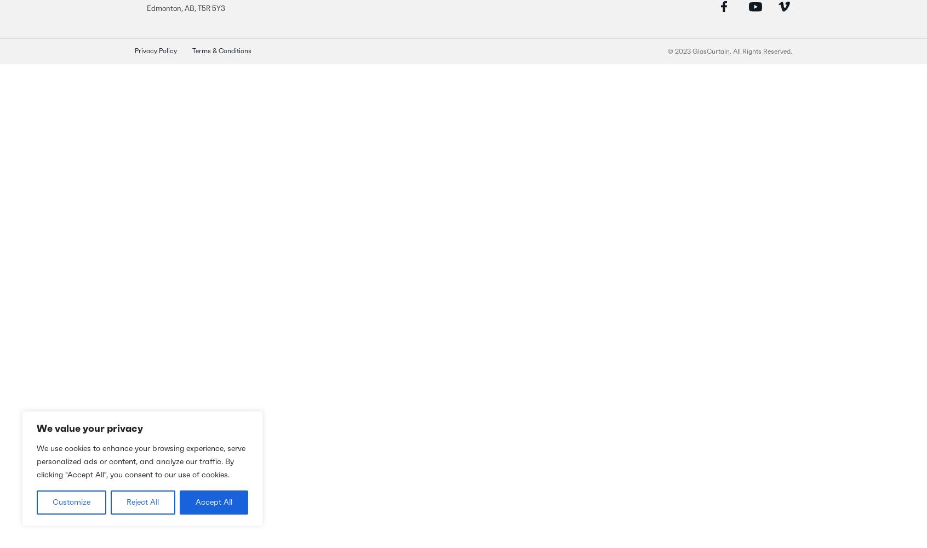  I want to click on 'We use cookies to enhance your browsing experience, serve personalized ads or content, and analyze our traffic. By clicking "Accept All", you consent to our use of cookies.', so click(141, 461).